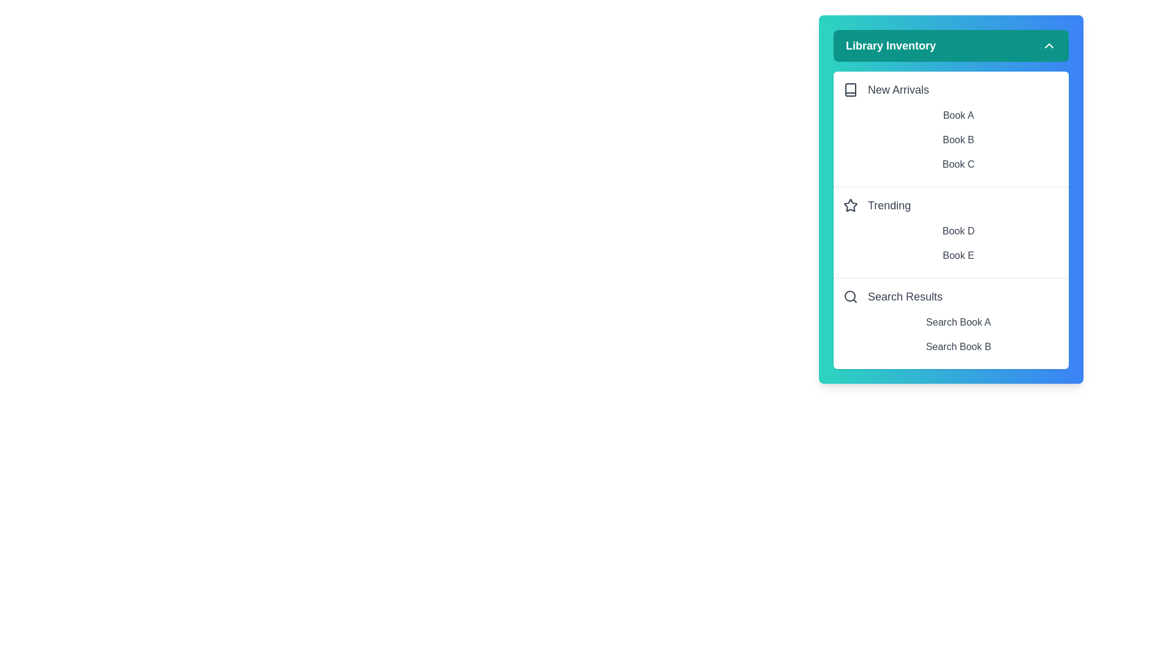  Describe the element at coordinates (951, 89) in the screenshot. I see `the category New Arrivals to focus on it` at that location.